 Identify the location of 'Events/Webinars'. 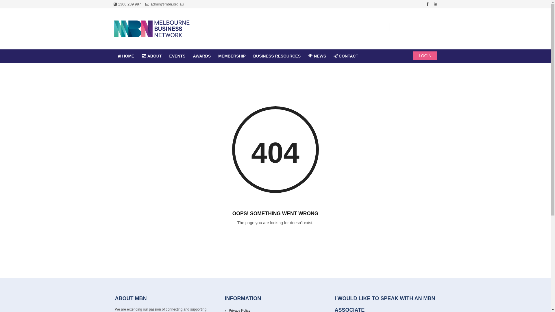
(366, 27).